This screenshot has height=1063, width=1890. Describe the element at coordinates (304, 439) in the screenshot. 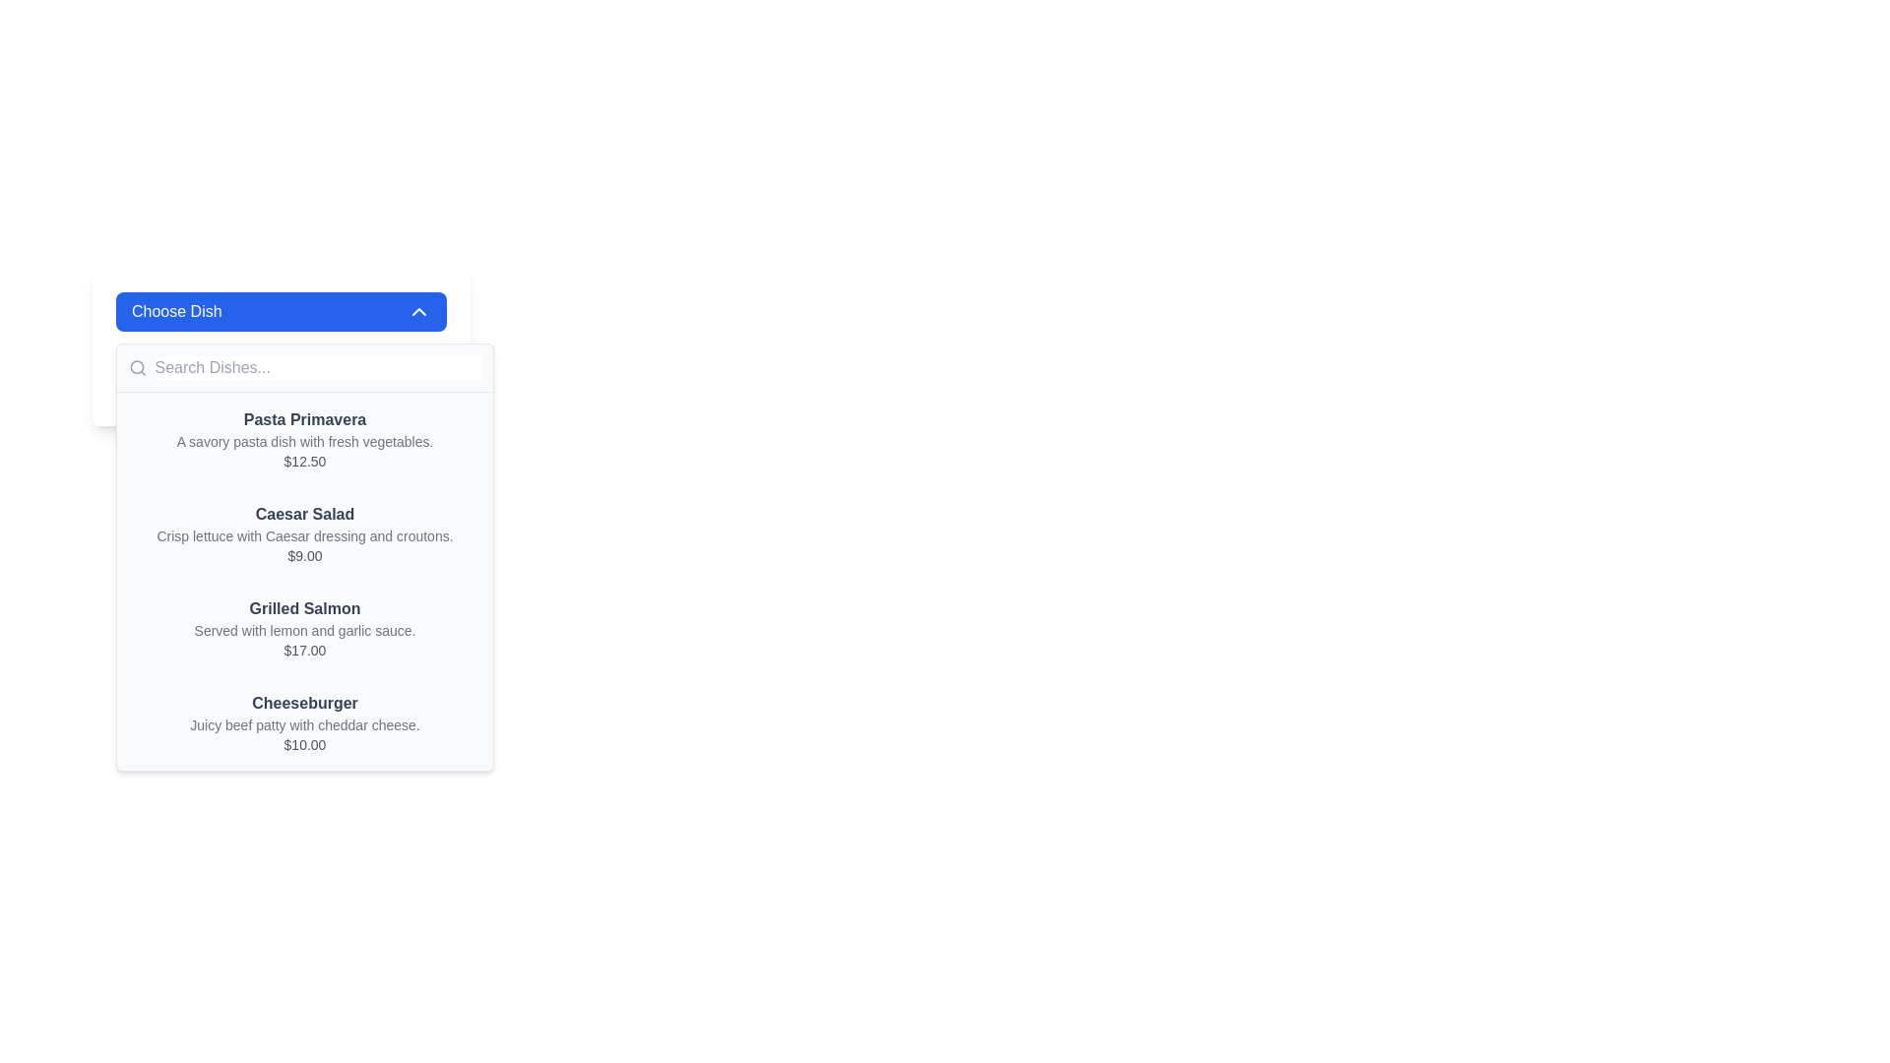

I see `the first item in the dropdown menu that displays a selectable menu item with its name, details, and price` at that location.